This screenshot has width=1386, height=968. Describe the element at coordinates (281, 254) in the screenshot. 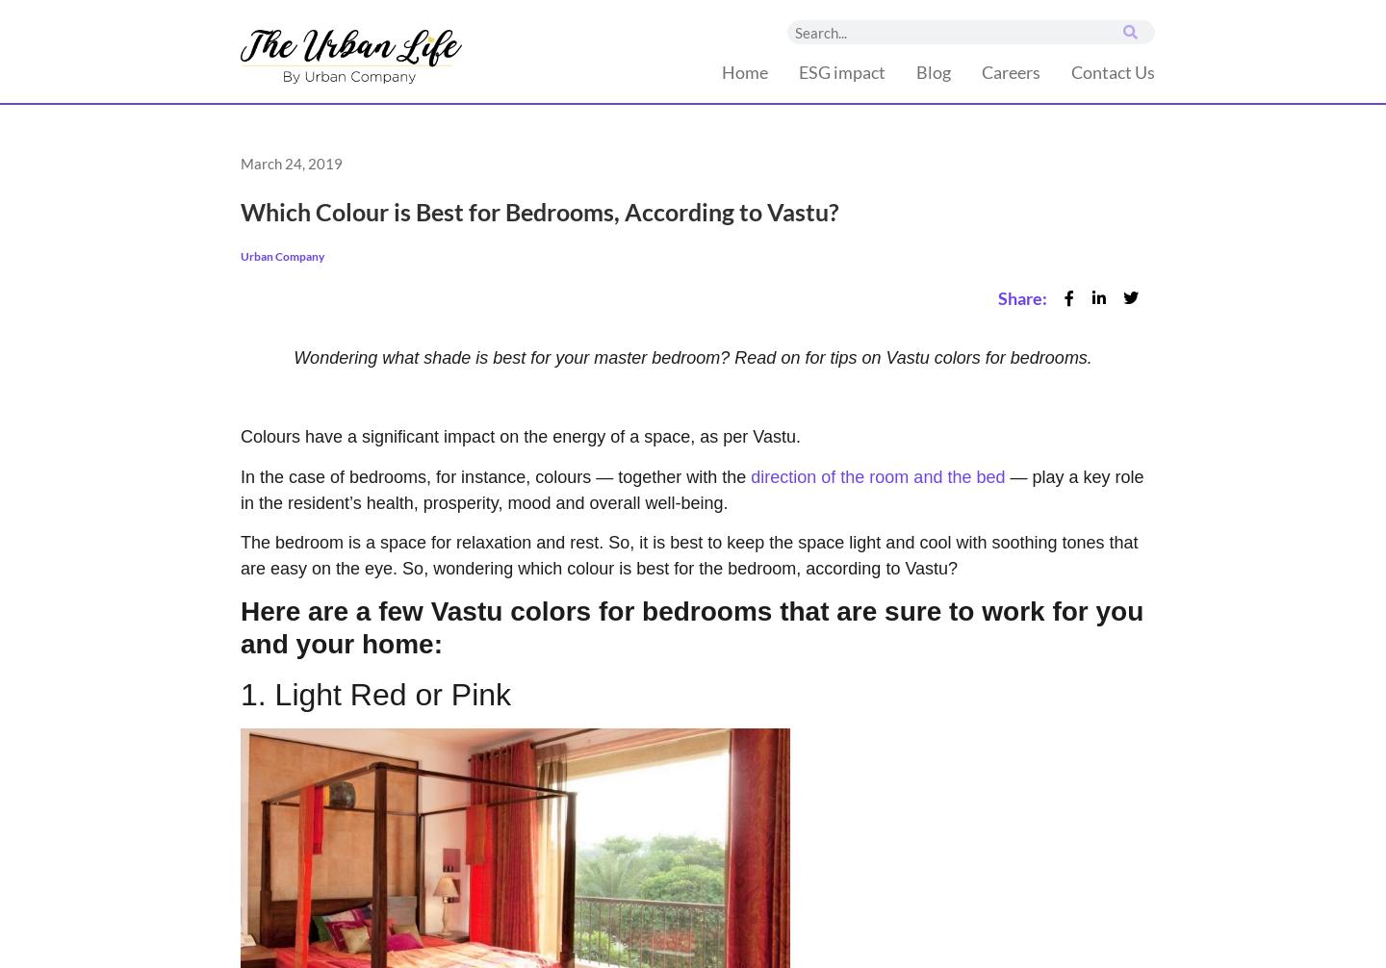

I see `'Urban Company'` at that location.